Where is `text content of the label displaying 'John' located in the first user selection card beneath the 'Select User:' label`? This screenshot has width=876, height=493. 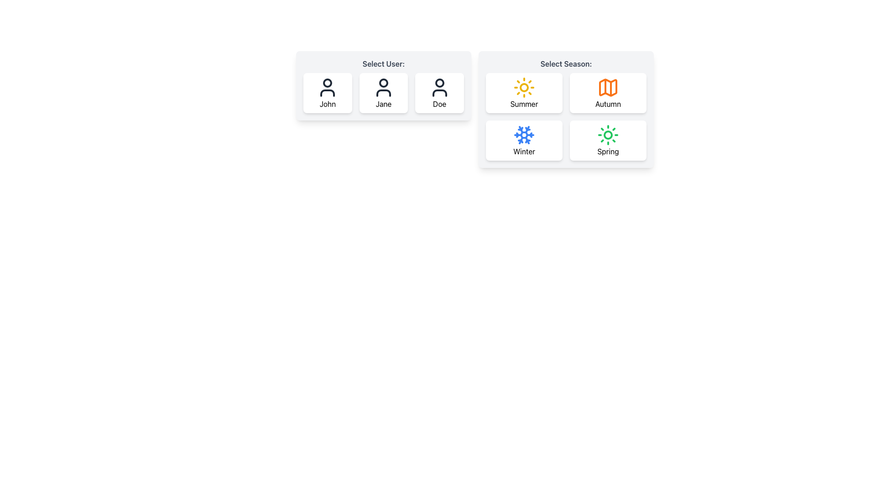
text content of the label displaying 'John' located in the first user selection card beneath the 'Select User:' label is located at coordinates (328, 103).